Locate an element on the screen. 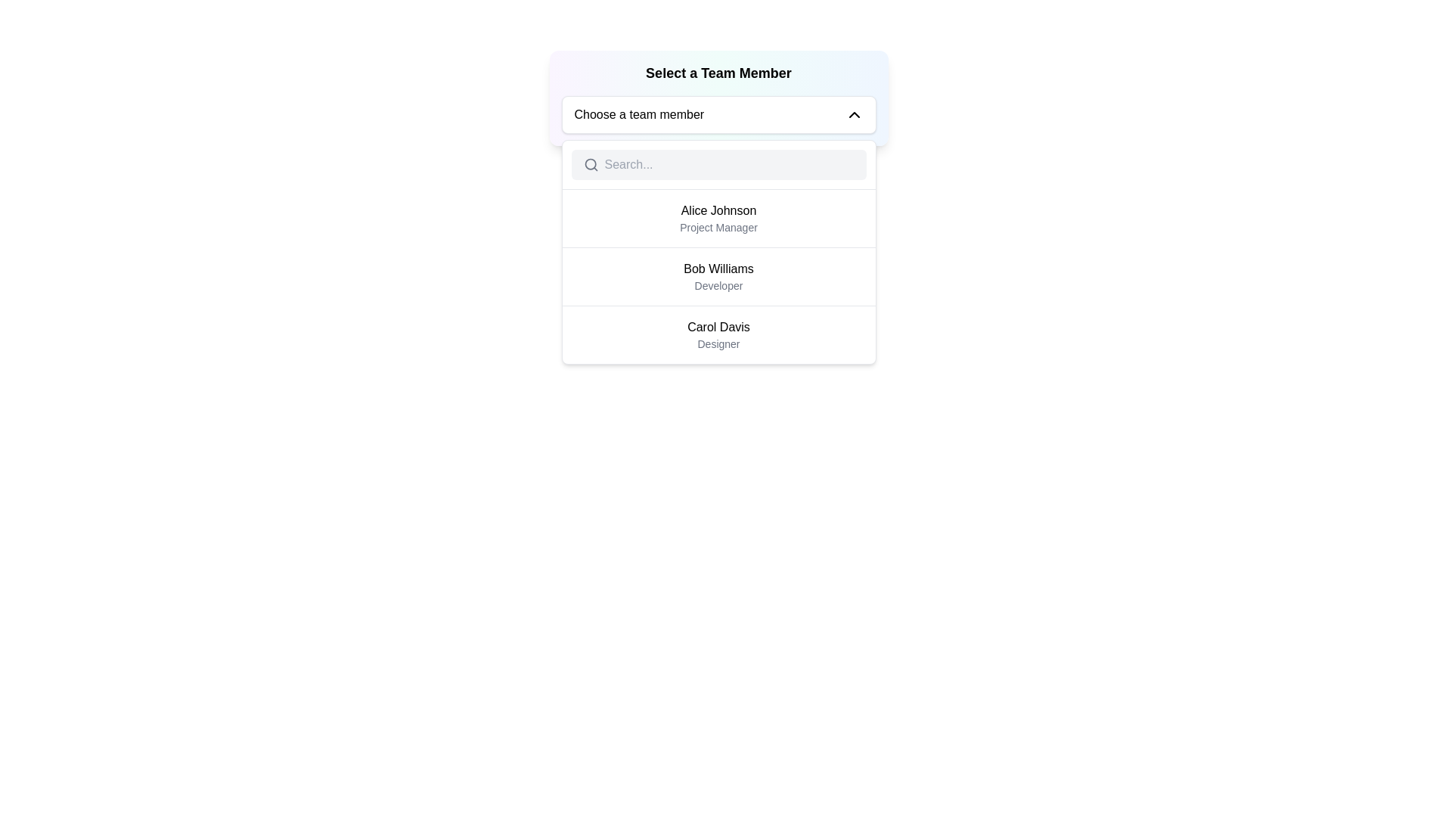  the text label located directly below 'Bob Williams' in the central dropdown area of the vertically arranged list item is located at coordinates (718, 286).